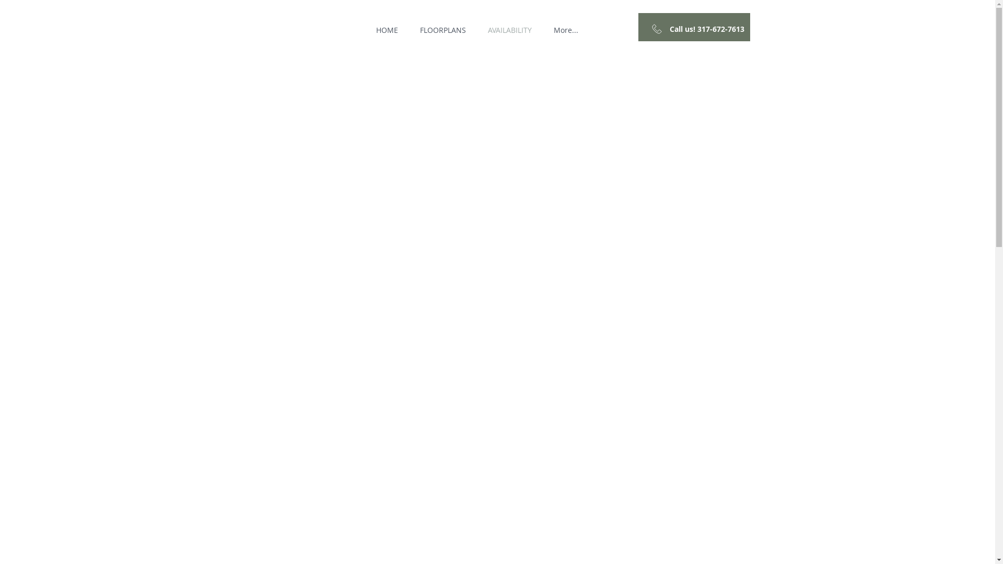  I want to click on 'AVAILABILITY', so click(509, 29).